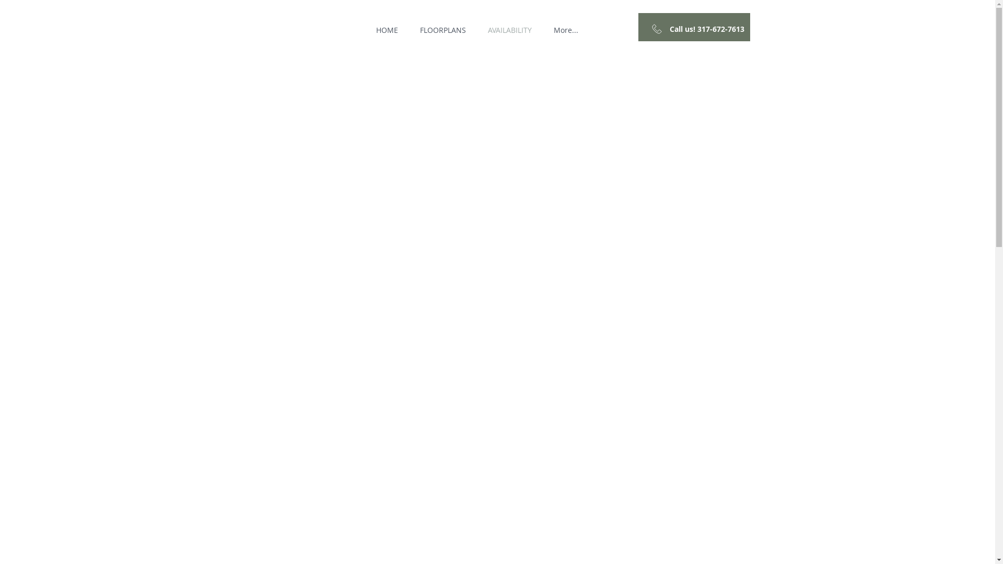  I want to click on 'AVAILABILITY', so click(509, 29).